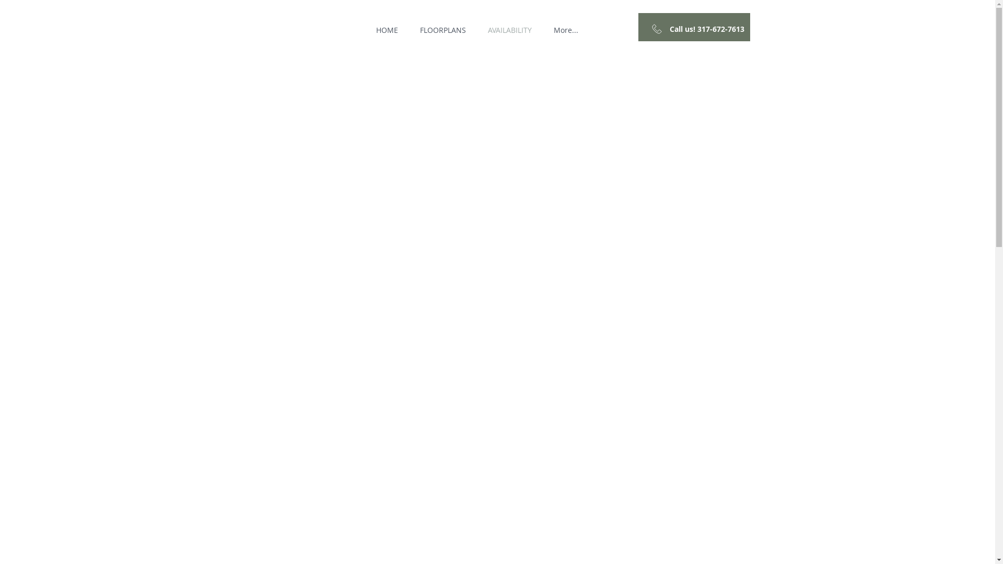  I want to click on 'AVAILABILITY', so click(509, 29).